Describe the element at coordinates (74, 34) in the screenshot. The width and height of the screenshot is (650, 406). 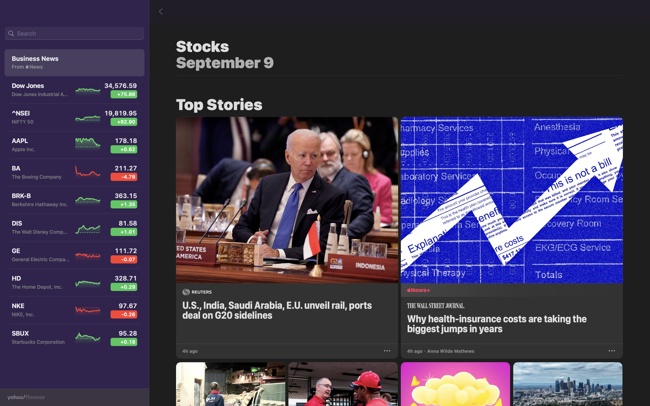
I see `Input "Adobe" in the search box at the top left to find its stock` at that location.